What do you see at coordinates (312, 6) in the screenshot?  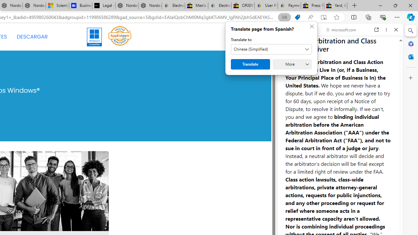 I see `'Press Room - eBay Inc.'` at bounding box center [312, 6].